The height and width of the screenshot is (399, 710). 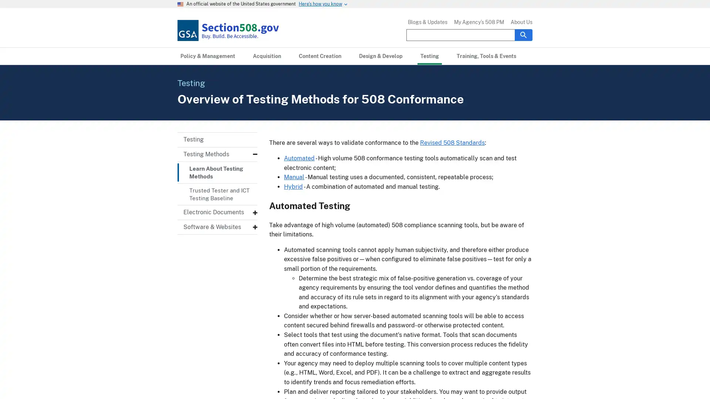 I want to click on Search, so click(x=523, y=34).